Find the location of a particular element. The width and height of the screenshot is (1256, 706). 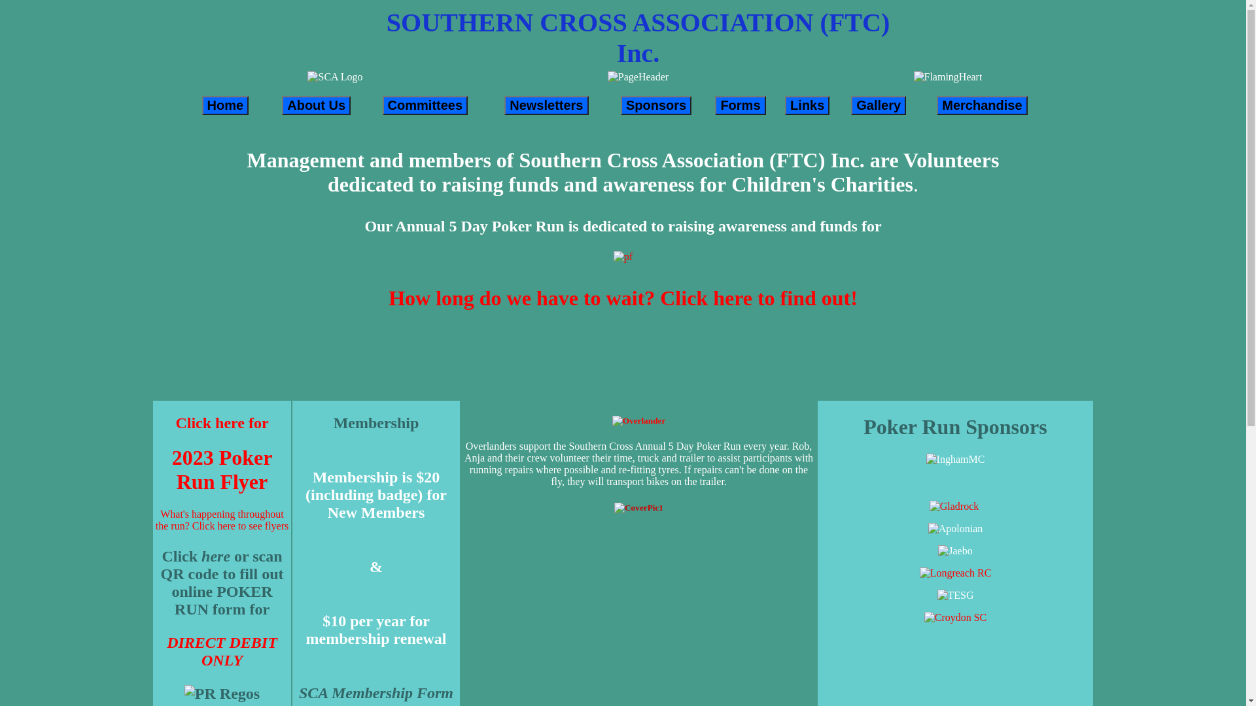

'Forms' is located at coordinates (740, 104).